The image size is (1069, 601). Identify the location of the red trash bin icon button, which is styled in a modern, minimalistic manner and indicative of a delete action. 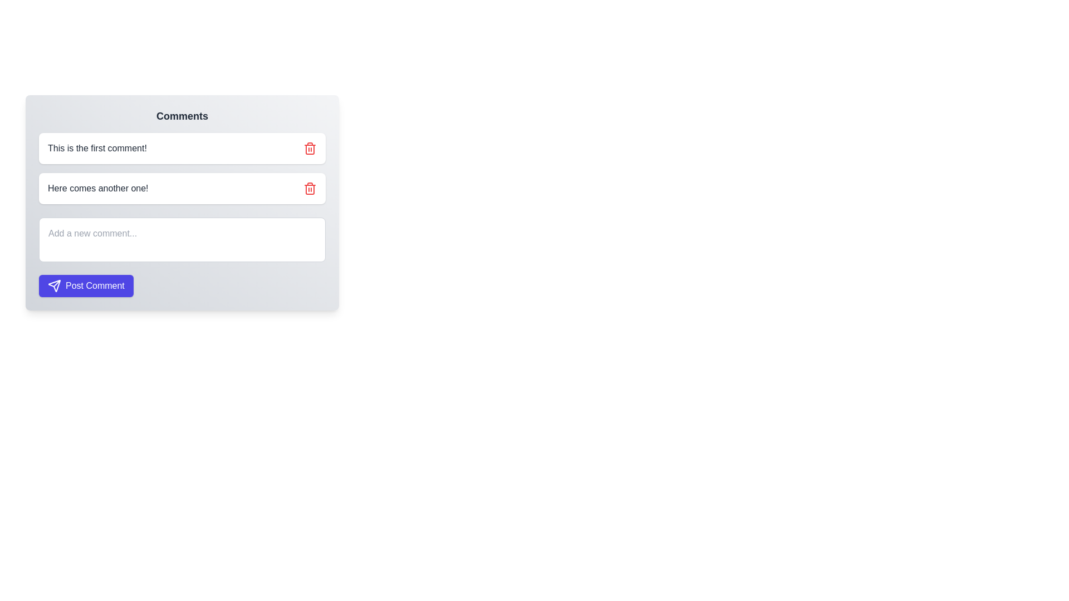
(310, 188).